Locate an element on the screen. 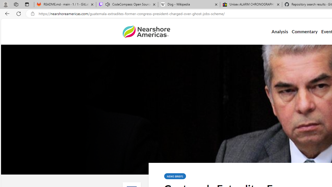 The image size is (332, 187). 'Nearshore Americas' is located at coordinates (146, 32).